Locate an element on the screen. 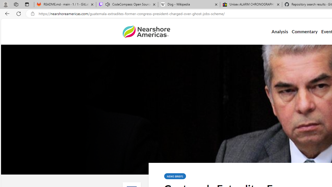 The image size is (332, 187). 'Nearshore Americas' is located at coordinates (146, 32).